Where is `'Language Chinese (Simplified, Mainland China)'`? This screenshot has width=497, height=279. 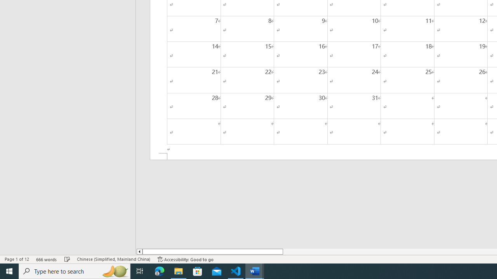 'Language Chinese (Simplified, Mainland China)' is located at coordinates (113, 259).